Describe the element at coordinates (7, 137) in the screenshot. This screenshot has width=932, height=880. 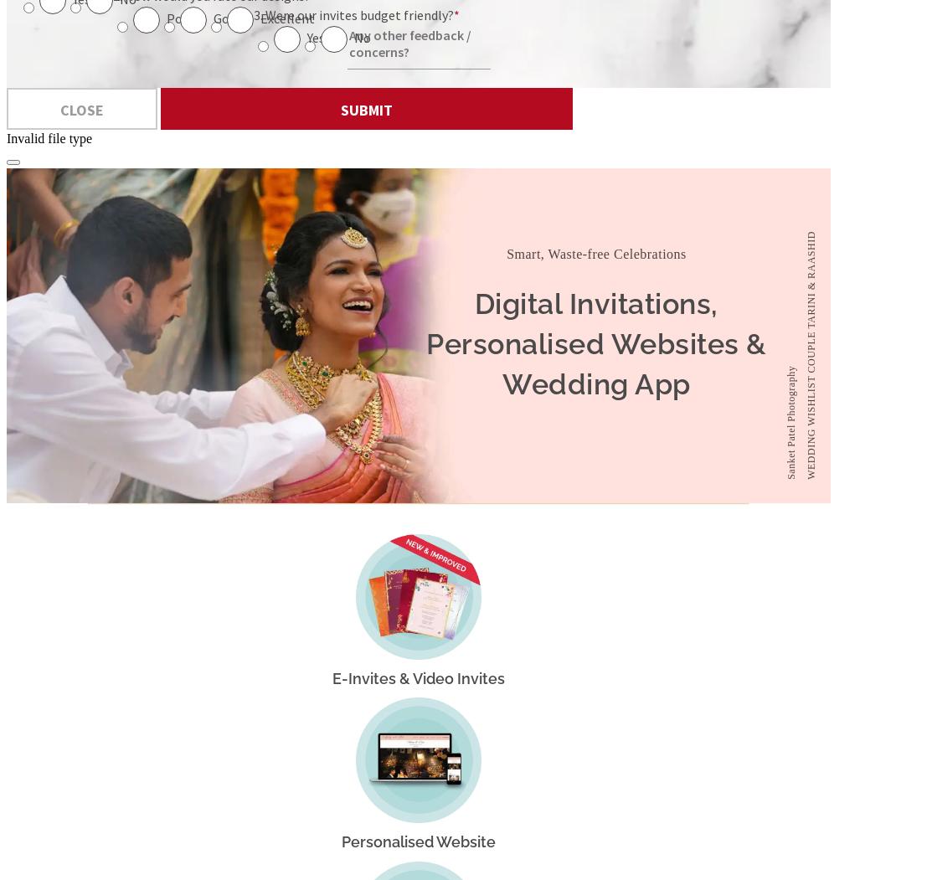
I see `'Invalid file type'` at that location.